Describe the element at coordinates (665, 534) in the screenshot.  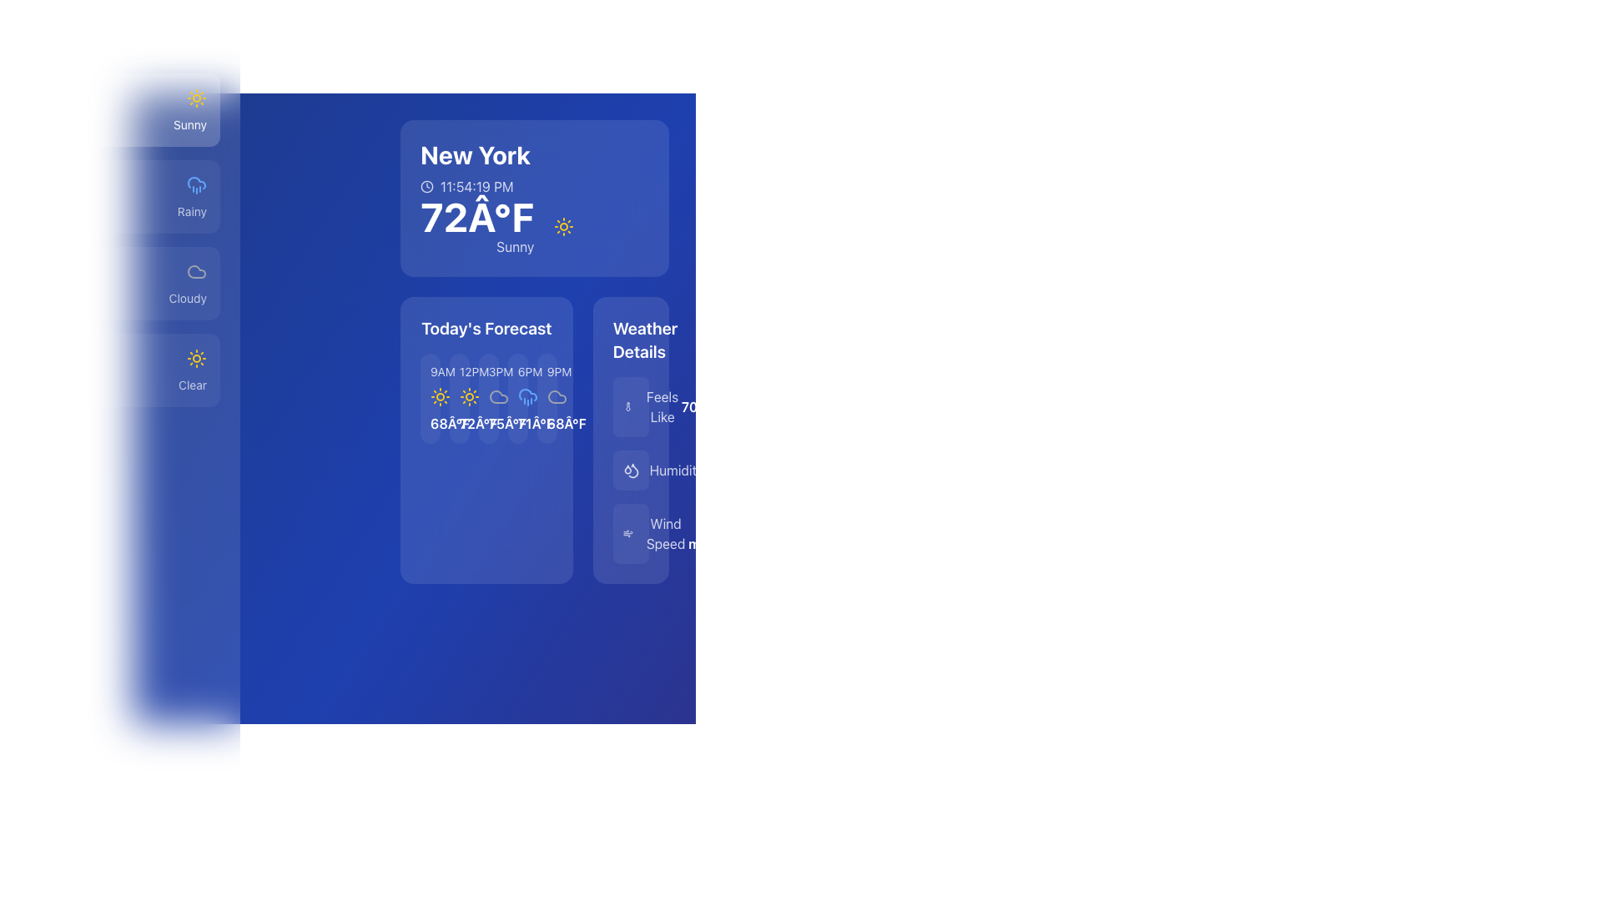
I see `'Wind Speed' text label element located at the bottom of the 'Weather Details' section, which is the last element among its siblings` at that location.